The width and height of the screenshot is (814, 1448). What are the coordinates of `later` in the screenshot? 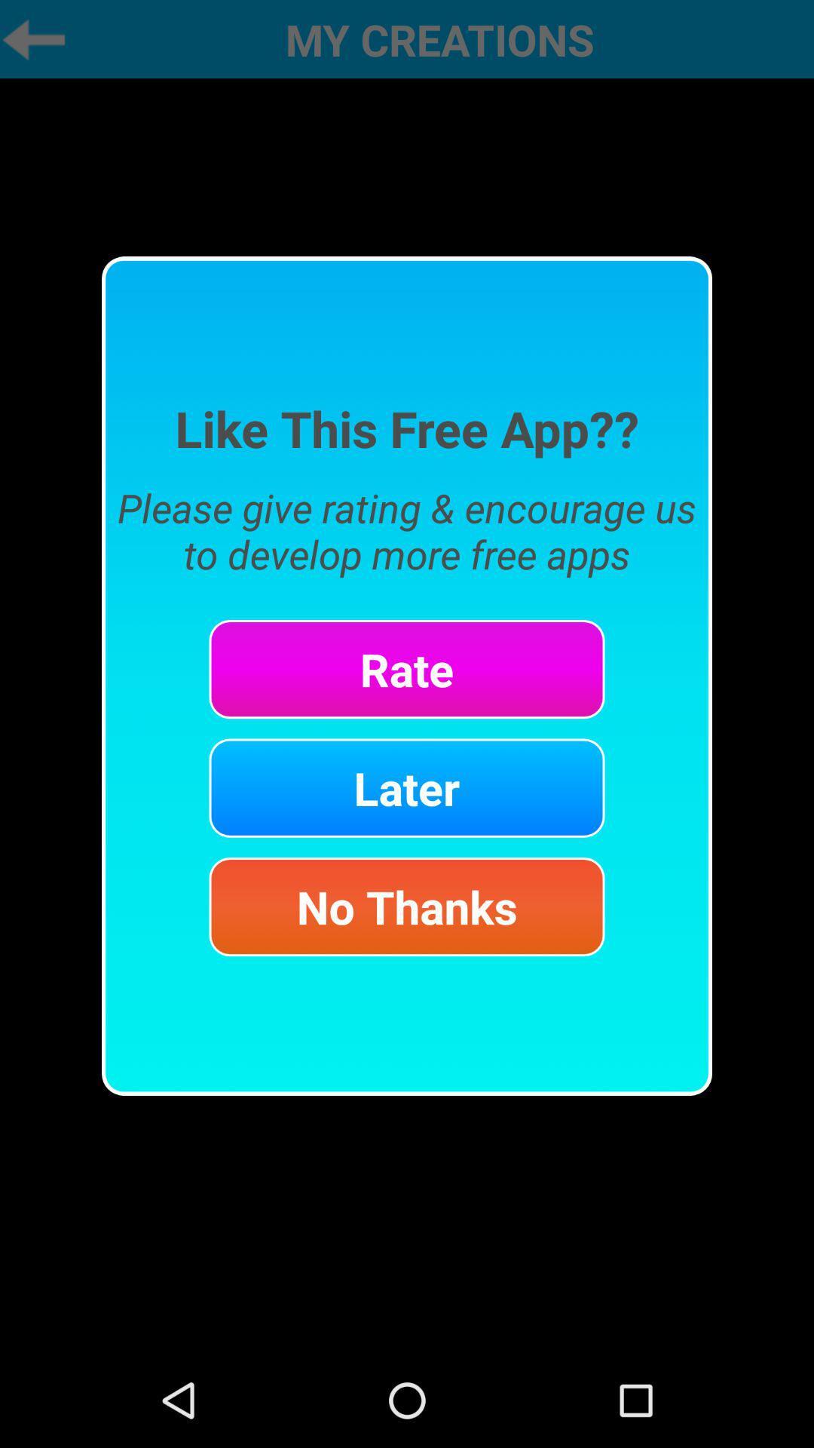 It's located at (407, 787).